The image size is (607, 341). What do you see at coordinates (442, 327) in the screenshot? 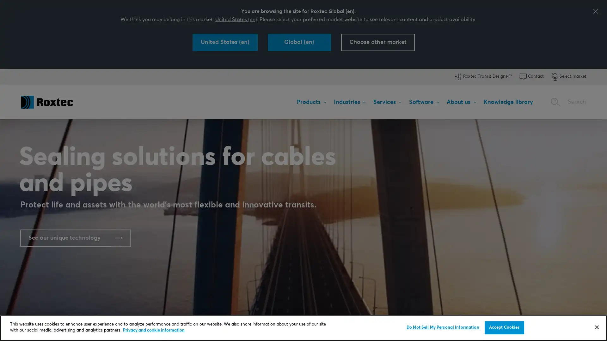
I see `Do Not Sell My Personal Information` at bounding box center [442, 327].